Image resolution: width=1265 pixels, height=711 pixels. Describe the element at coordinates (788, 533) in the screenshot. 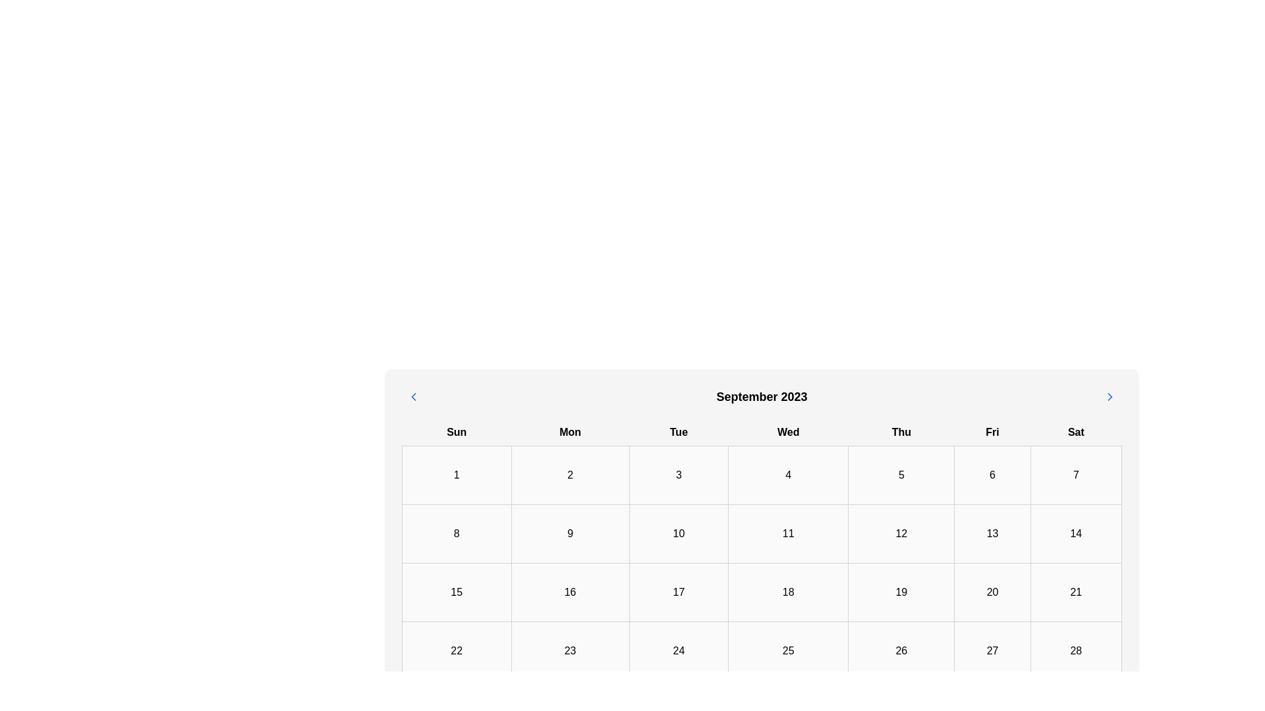

I see `the calendar button representing the date '11' in the Wednesday column of the second row` at that location.